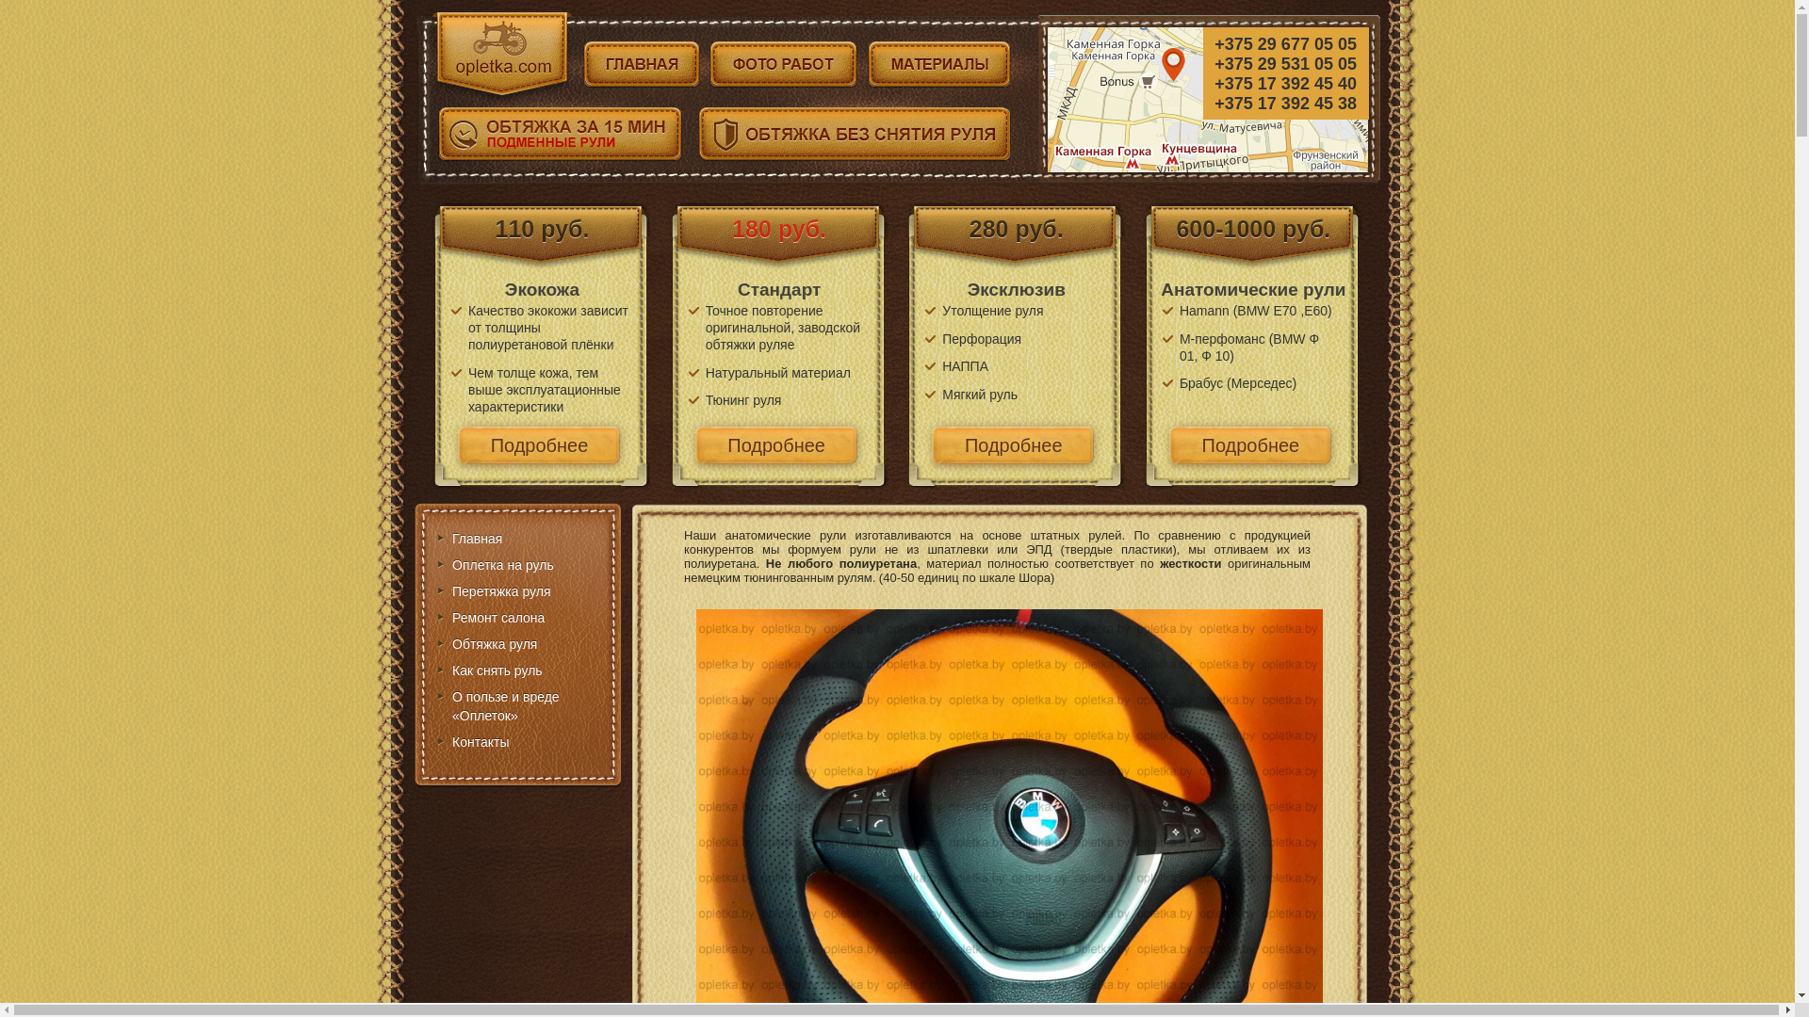  Describe the element at coordinates (1284, 83) in the screenshot. I see `'+375 17 392 45 40'` at that location.